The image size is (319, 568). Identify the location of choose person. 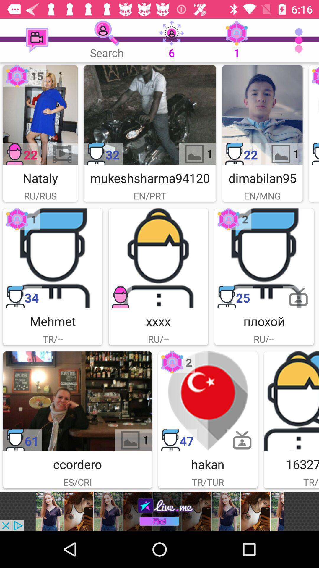
(158, 258).